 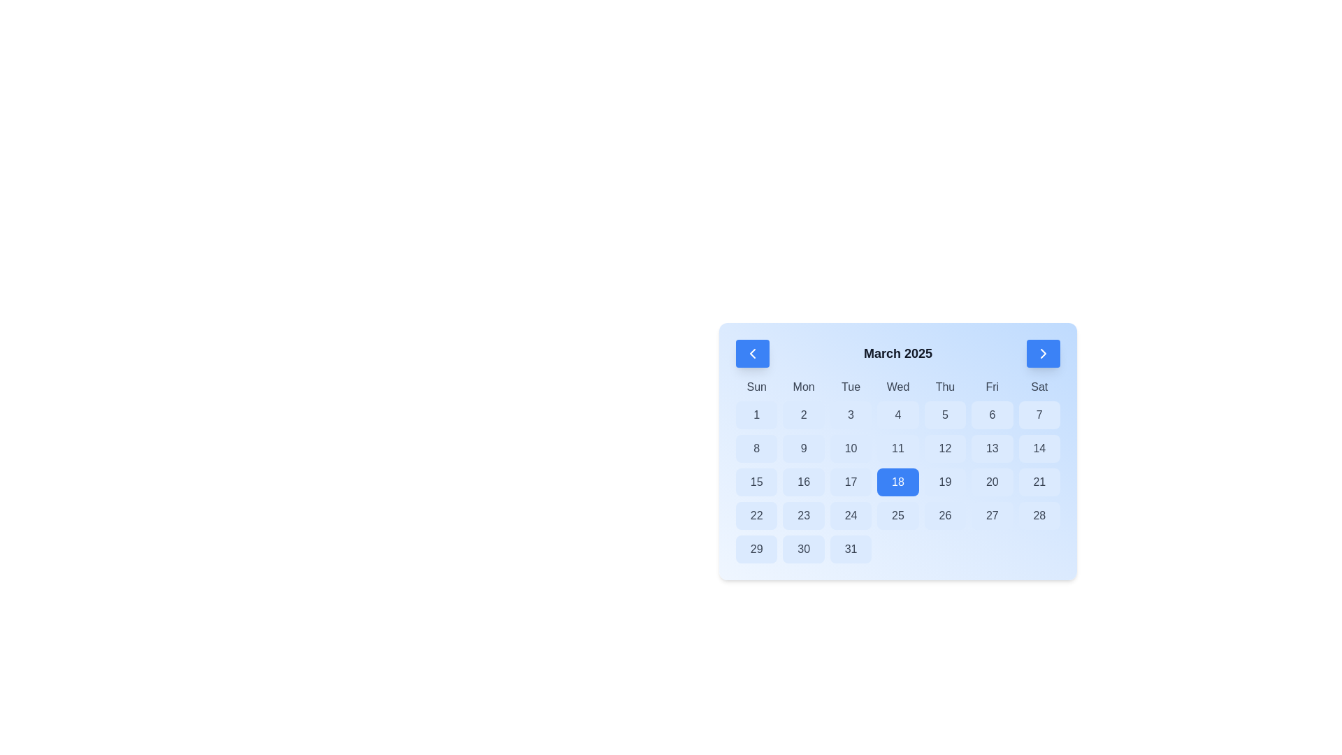 What do you see at coordinates (1043, 352) in the screenshot?
I see `the navigation icon located within the blue button on the top-right corner of the calendar interface` at bounding box center [1043, 352].